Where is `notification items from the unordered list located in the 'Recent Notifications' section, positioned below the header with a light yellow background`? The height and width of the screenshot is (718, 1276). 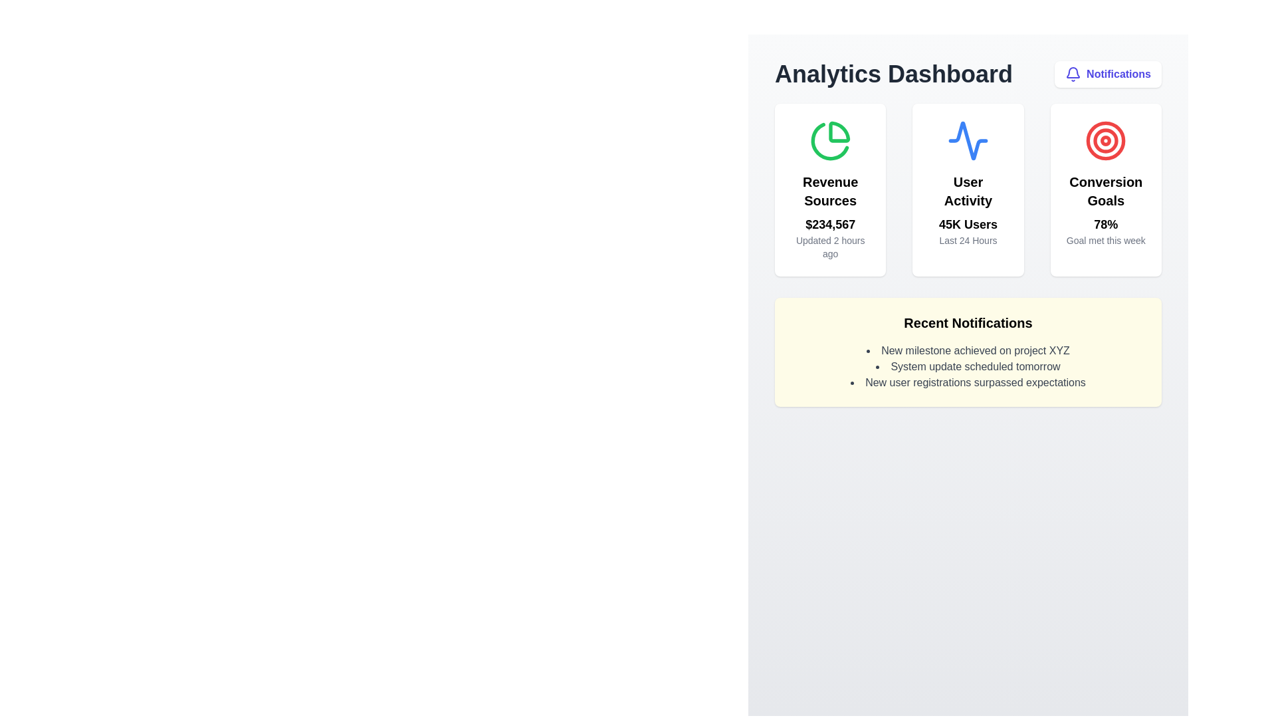
notification items from the unordered list located in the 'Recent Notifications' section, positioned below the header with a light yellow background is located at coordinates (968, 366).